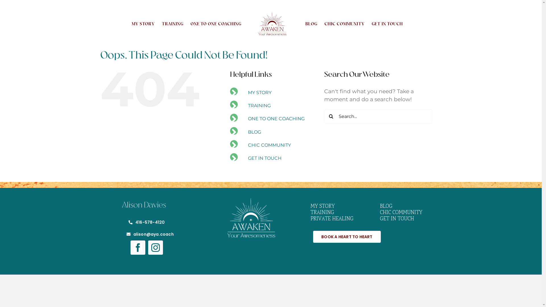 This screenshot has width=546, height=307. Describe the element at coordinates (380, 206) in the screenshot. I see `'BLOG'` at that location.